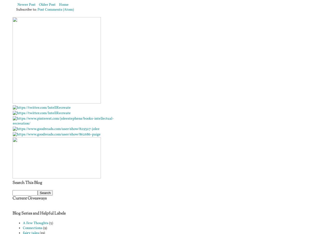 Image resolution: width=314 pixels, height=234 pixels. I want to click on 'Newer Post', so click(17, 4).